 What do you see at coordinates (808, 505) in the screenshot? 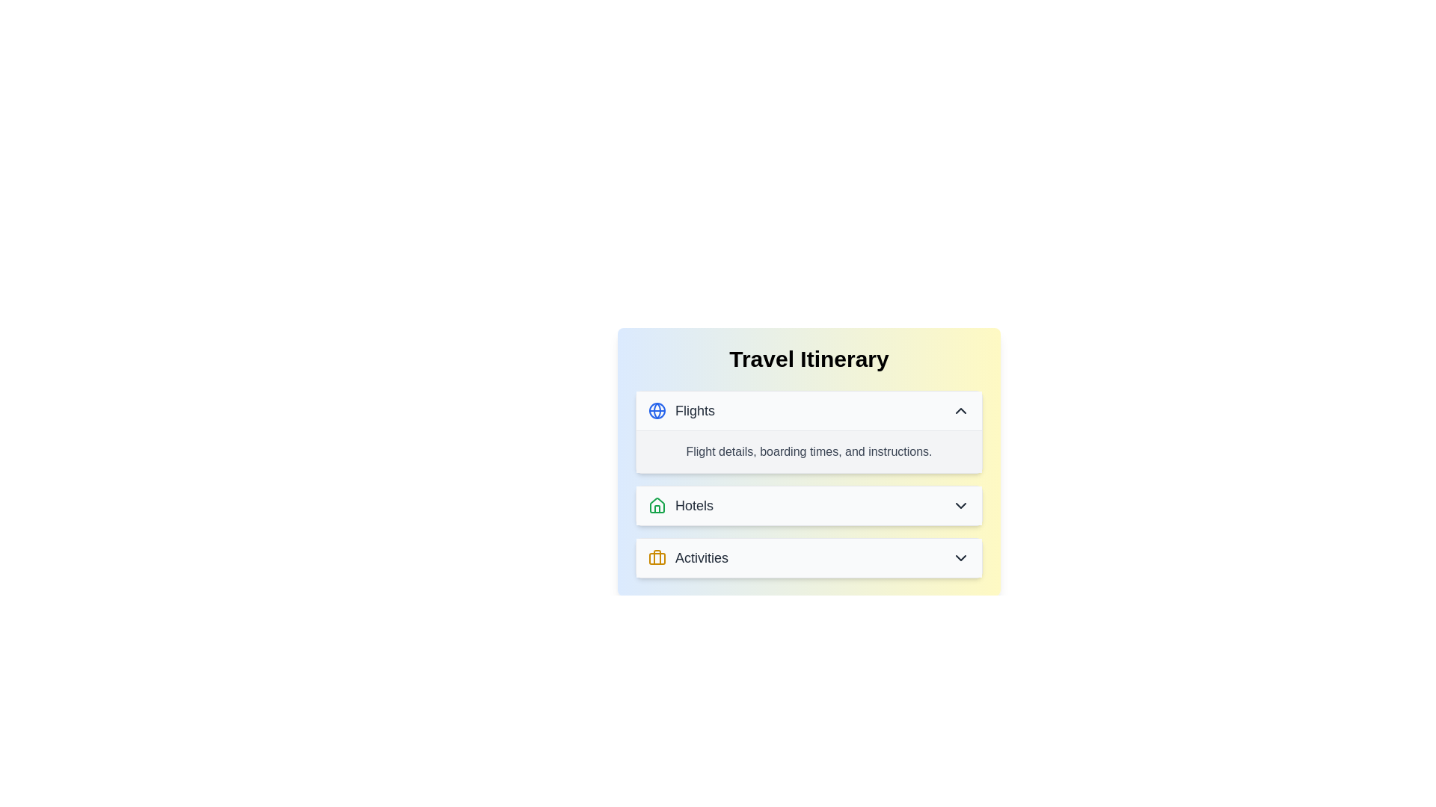
I see `the interactive dropdown menu button located between the 'Flights' and 'Activities' options` at bounding box center [808, 505].